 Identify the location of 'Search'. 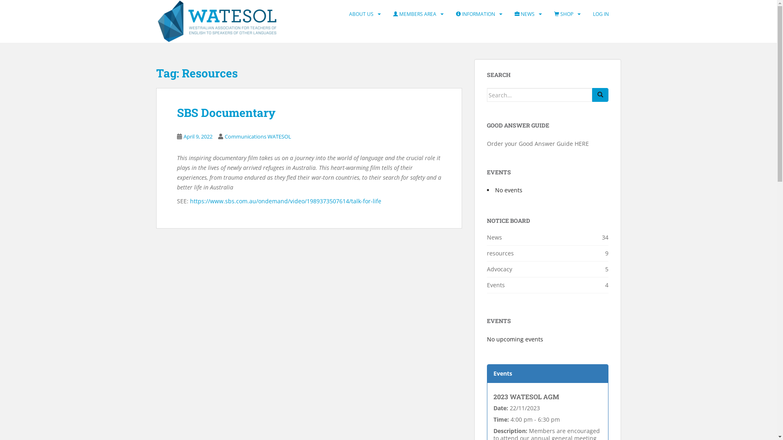
(600, 94).